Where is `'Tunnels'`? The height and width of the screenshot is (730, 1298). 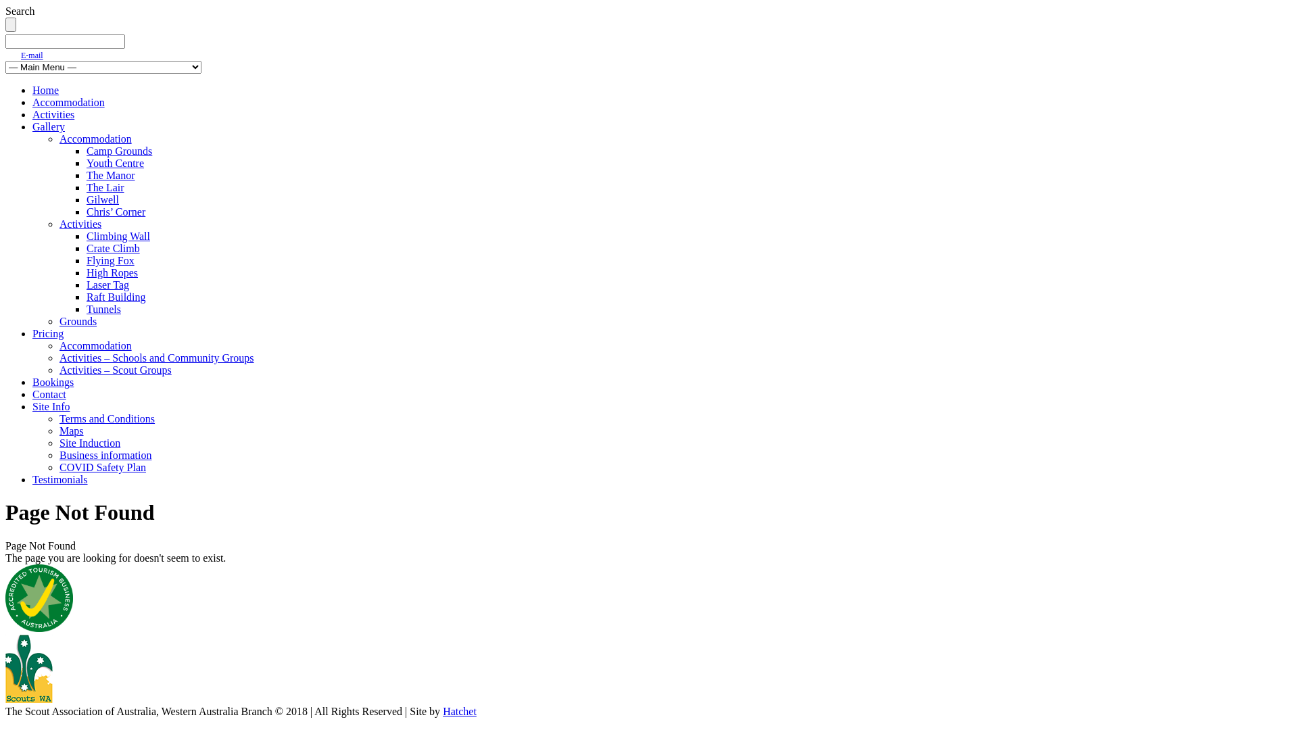
'Tunnels' is located at coordinates (103, 309).